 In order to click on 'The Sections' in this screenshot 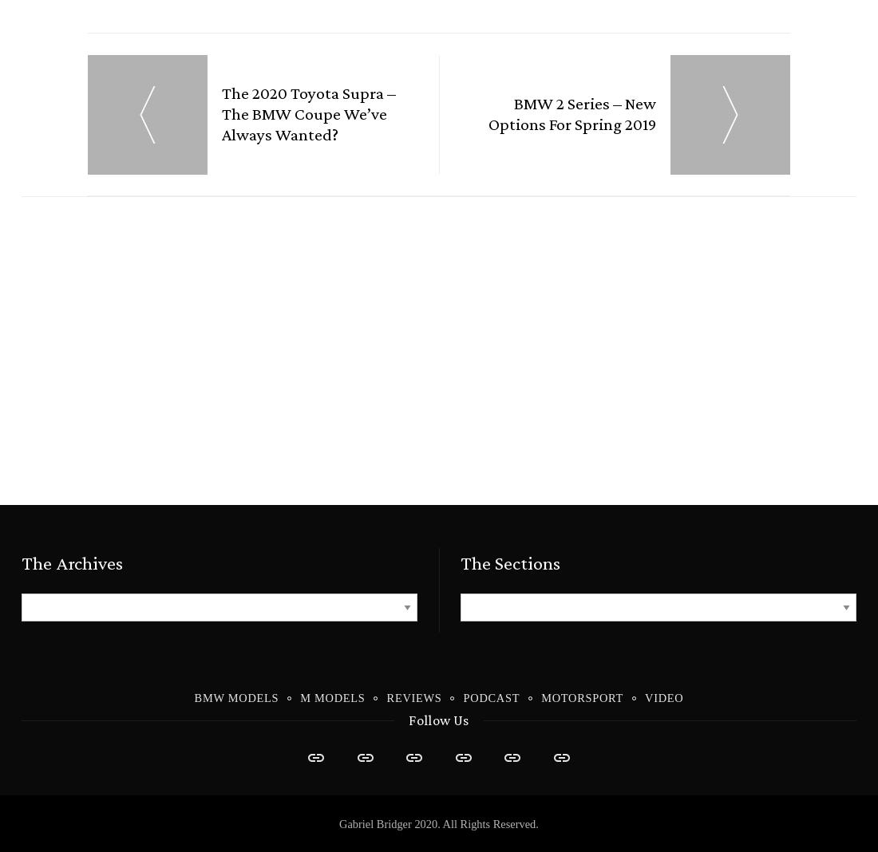, I will do `click(510, 565)`.